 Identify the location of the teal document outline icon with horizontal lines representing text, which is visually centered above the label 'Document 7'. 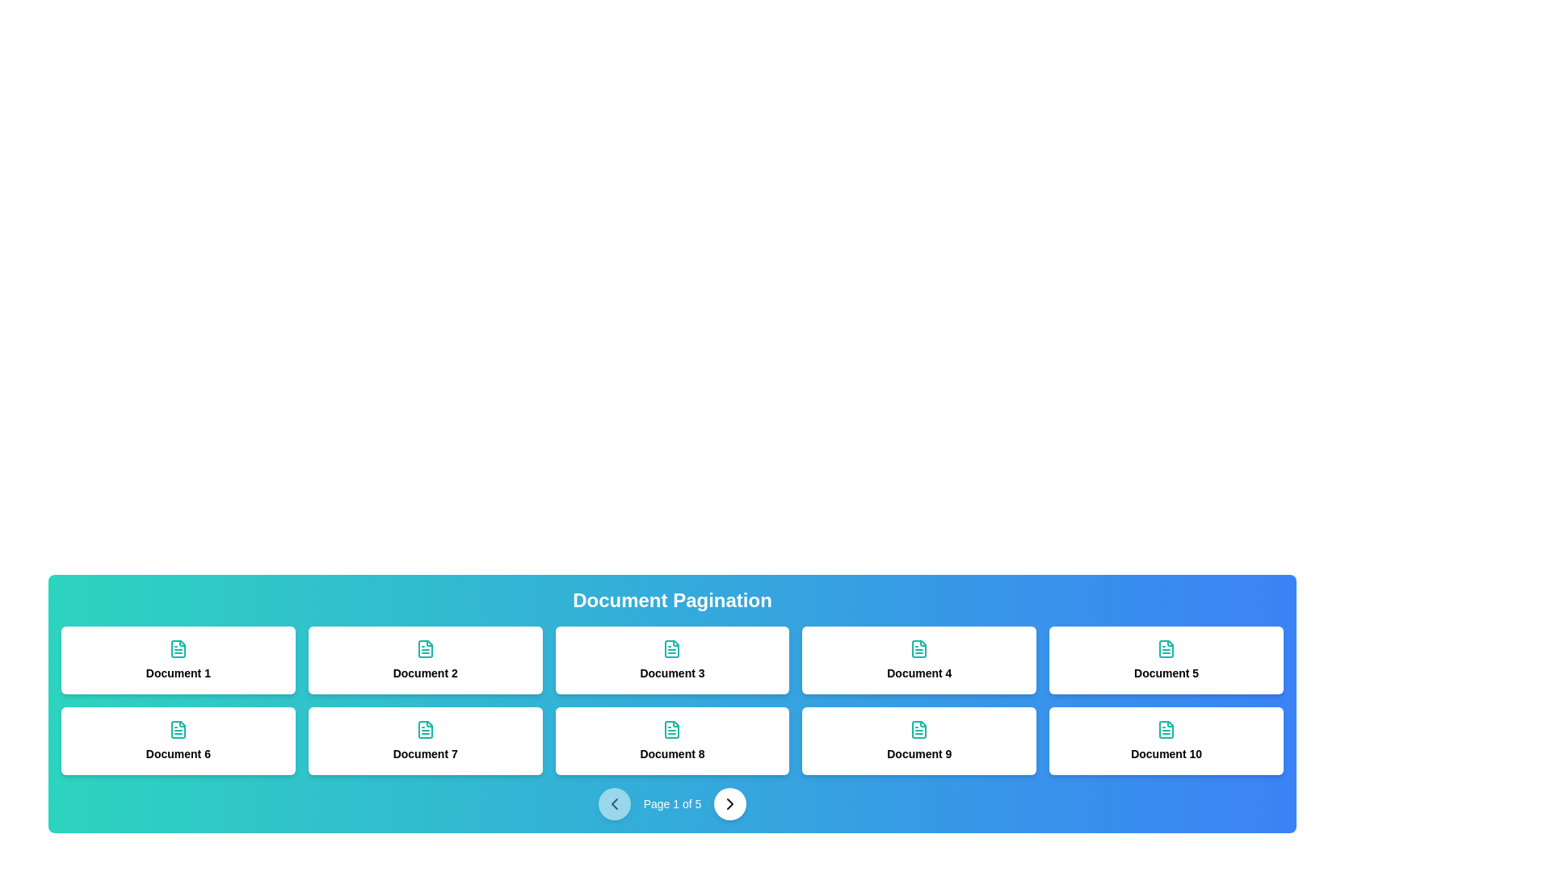
(425, 729).